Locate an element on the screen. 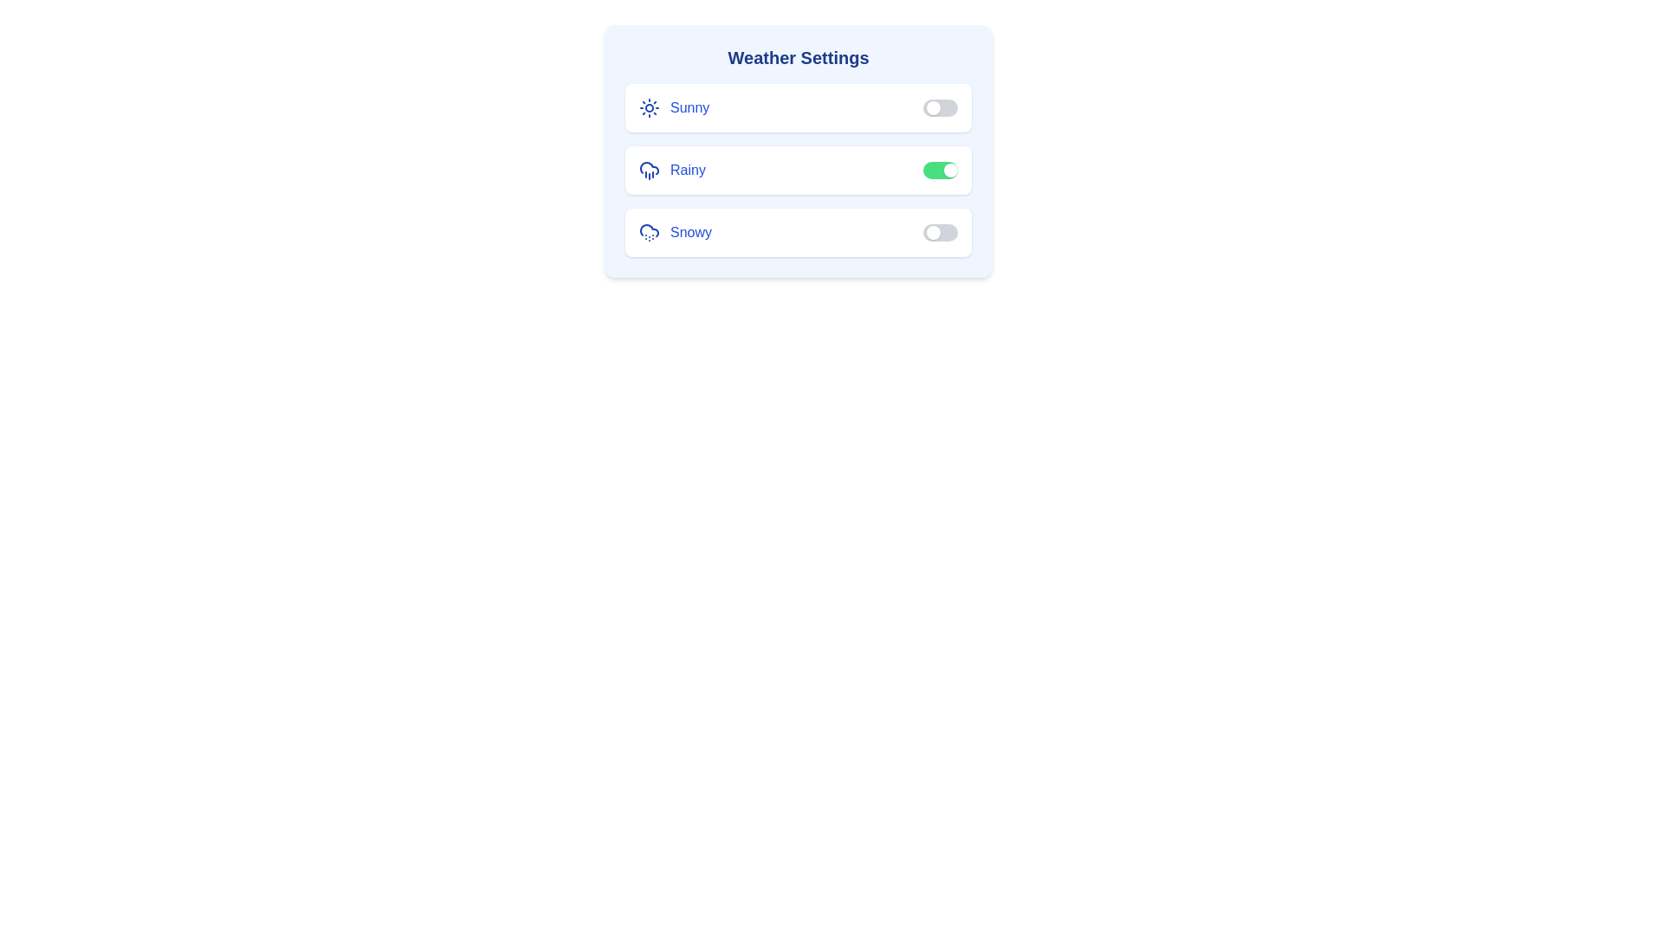 The width and height of the screenshot is (1663, 935). the toggle switch for the 'Snowy' weather setting option, which is located in the third row of weather settings is located at coordinates (797, 232).